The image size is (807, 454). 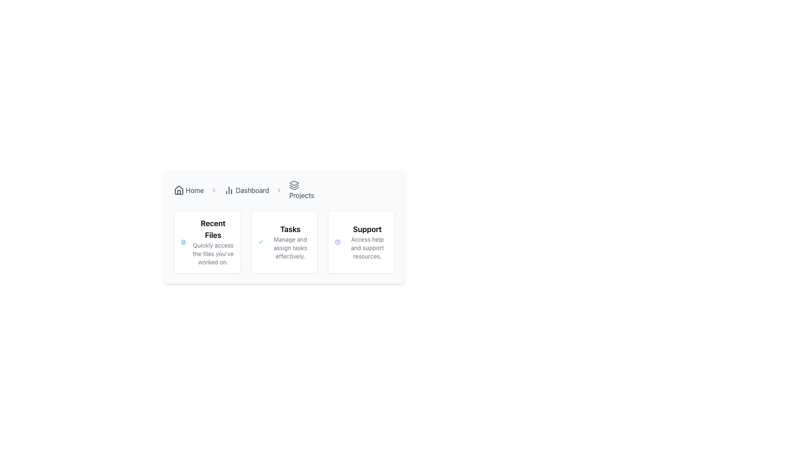 I want to click on the circular icon with a question mark symbol inside, which has a purple outline, located within the 'Support' card, so click(x=338, y=242).